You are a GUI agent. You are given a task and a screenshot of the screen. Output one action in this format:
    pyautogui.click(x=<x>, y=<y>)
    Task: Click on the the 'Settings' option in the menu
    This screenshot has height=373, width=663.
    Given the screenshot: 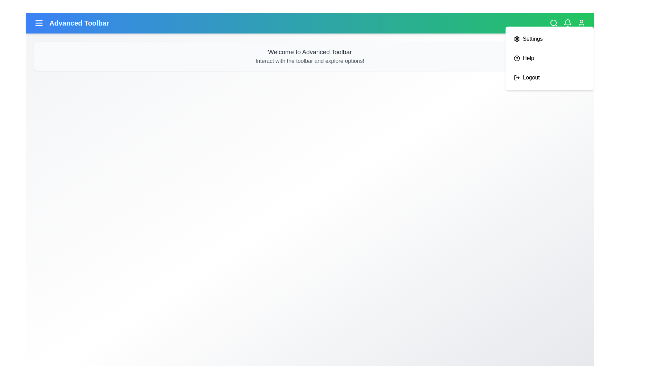 What is the action you would take?
    pyautogui.click(x=549, y=39)
    